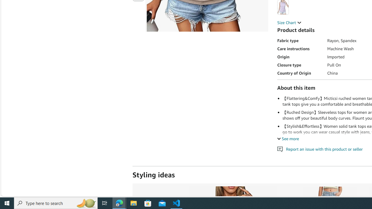  I want to click on 'Light Purple', so click(283, 7).